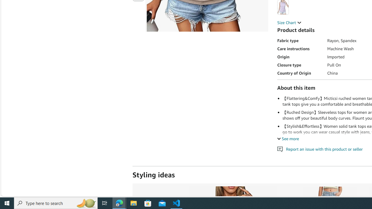  I want to click on 'Light Purple', so click(283, 7).